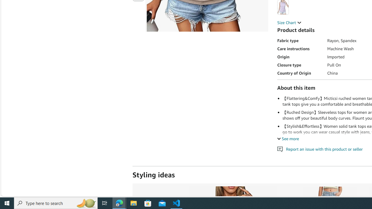  I want to click on 'Light Purple', so click(283, 7).